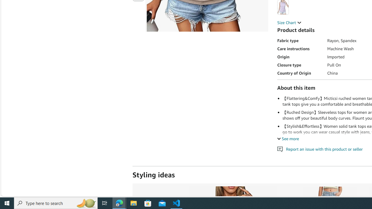  I want to click on 'Light Purple', so click(283, 7).